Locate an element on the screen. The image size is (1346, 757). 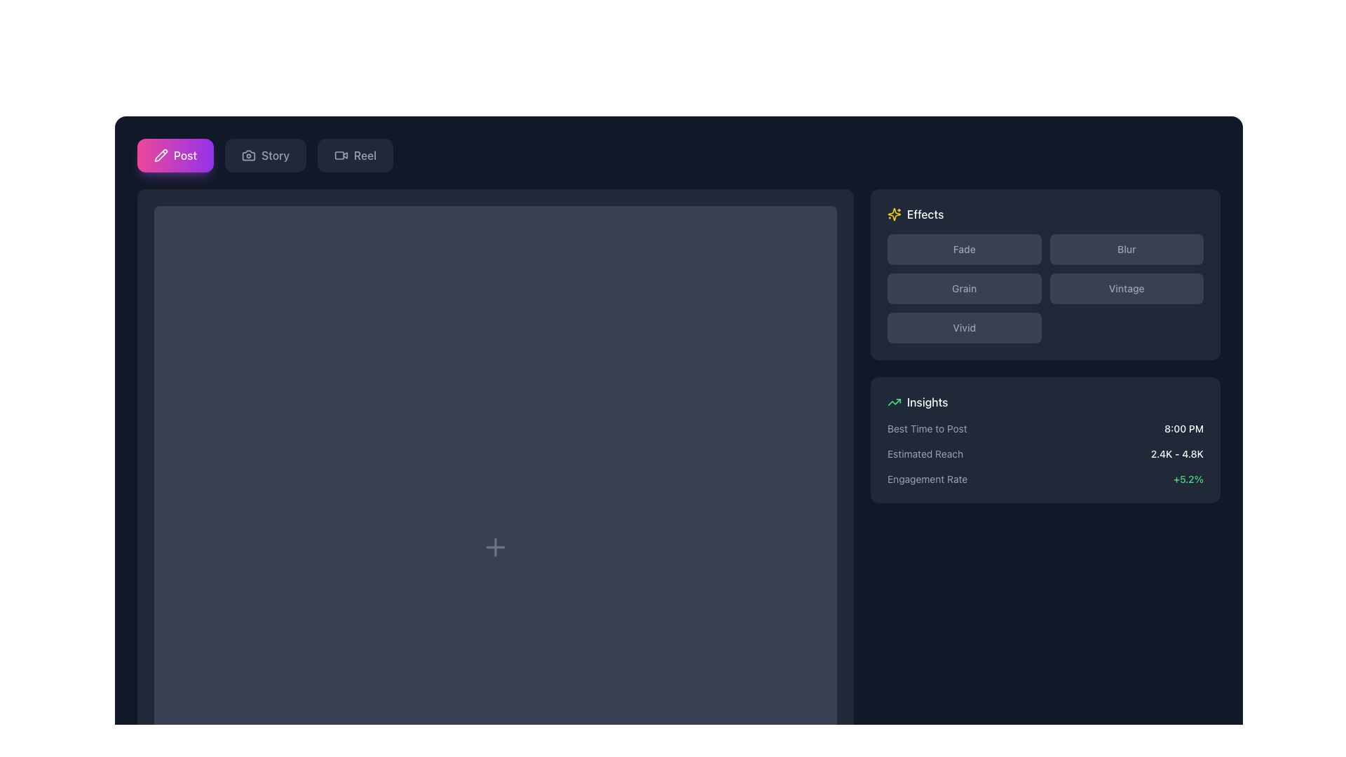
the vibrant gradient button labeled 'Post' on the left side of the button row to initiate post creation is located at coordinates (175, 156).